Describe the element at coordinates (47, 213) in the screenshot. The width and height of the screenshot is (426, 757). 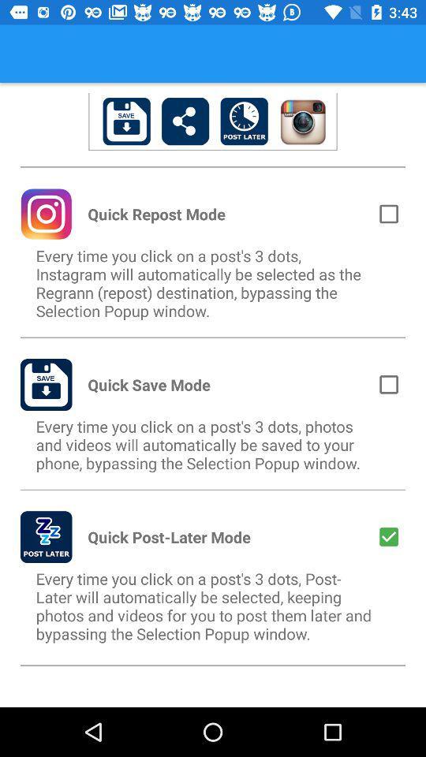
I see `the icon beside quick repost mode` at that location.